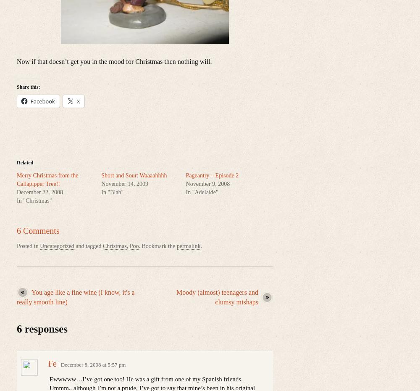 The height and width of the screenshot is (391, 420). I want to click on 'permalink', so click(176, 246).